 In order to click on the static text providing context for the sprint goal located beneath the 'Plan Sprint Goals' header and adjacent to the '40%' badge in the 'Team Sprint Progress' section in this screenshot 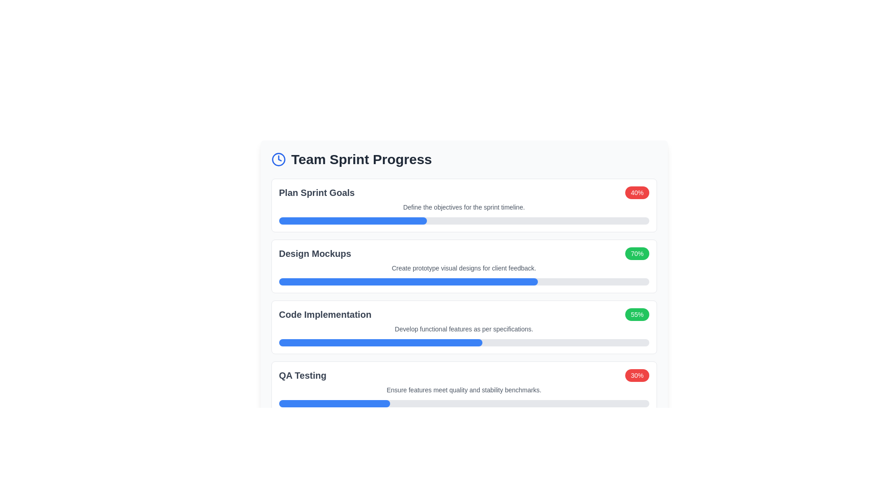, I will do `click(464, 207)`.